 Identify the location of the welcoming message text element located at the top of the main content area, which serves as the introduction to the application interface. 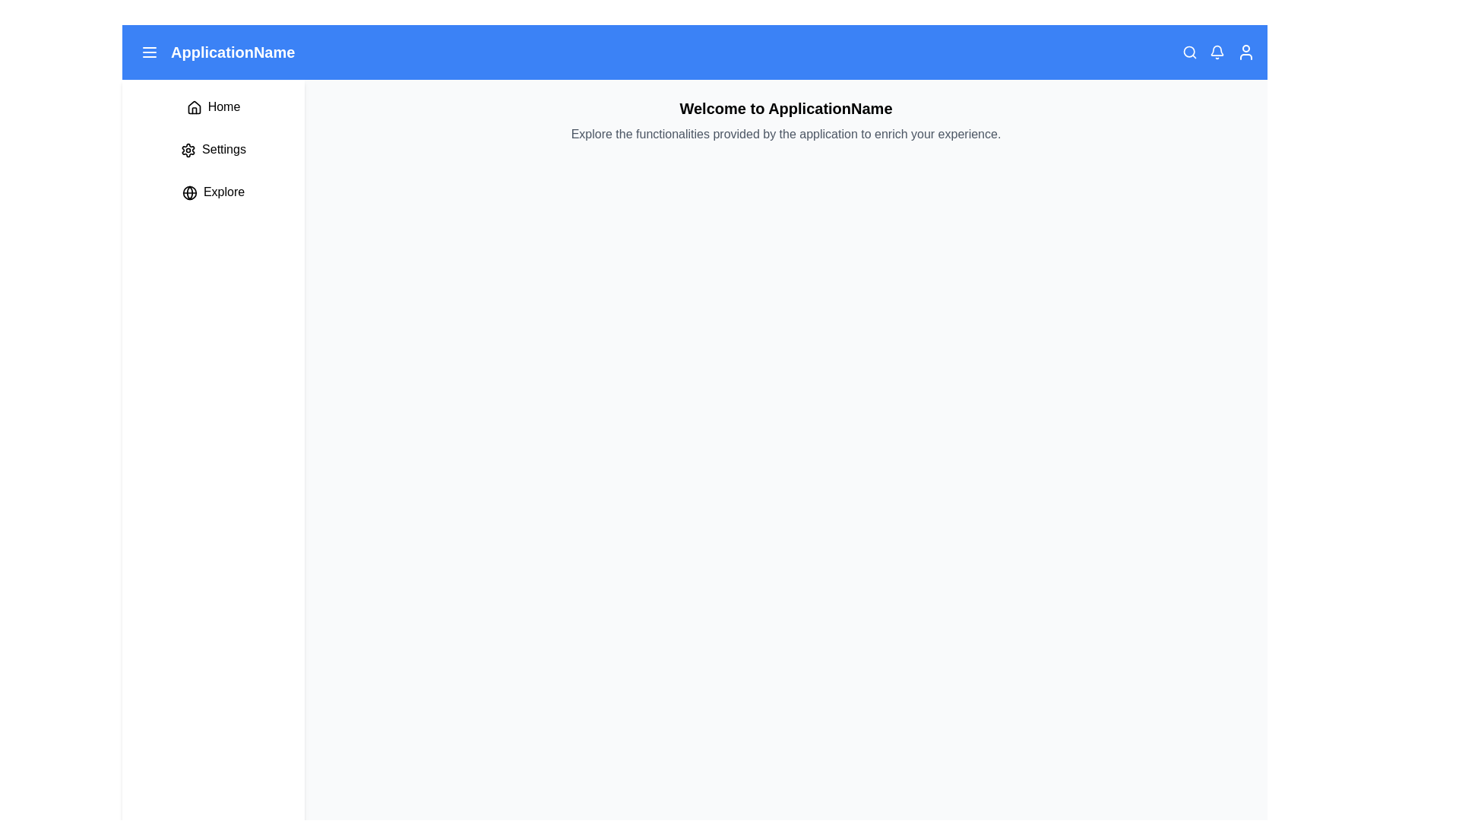
(786, 107).